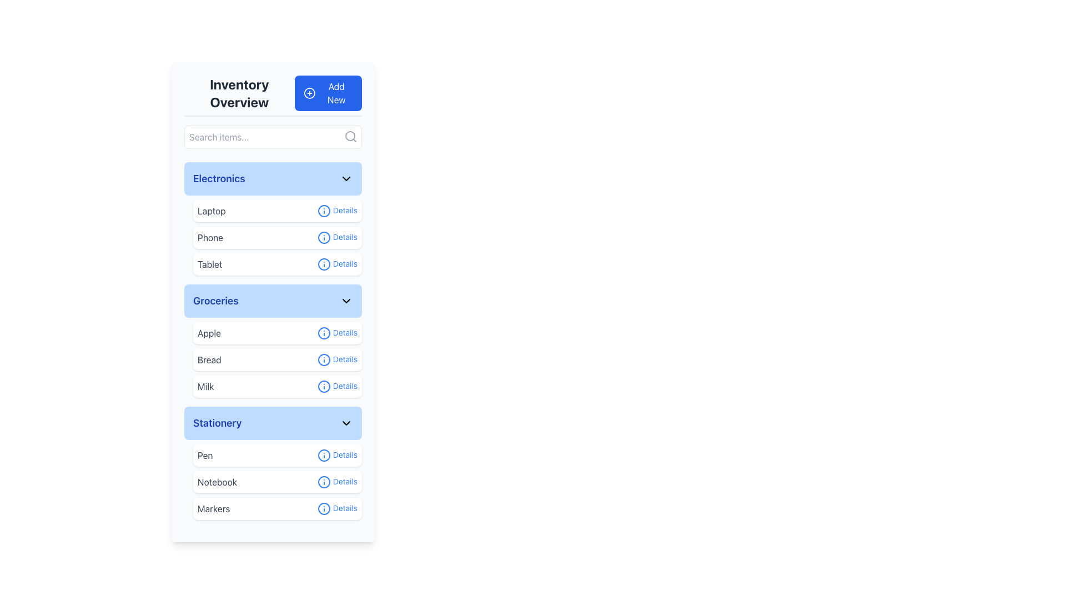  What do you see at coordinates (277, 333) in the screenshot?
I see `the first item in the 'Groceries' section` at bounding box center [277, 333].